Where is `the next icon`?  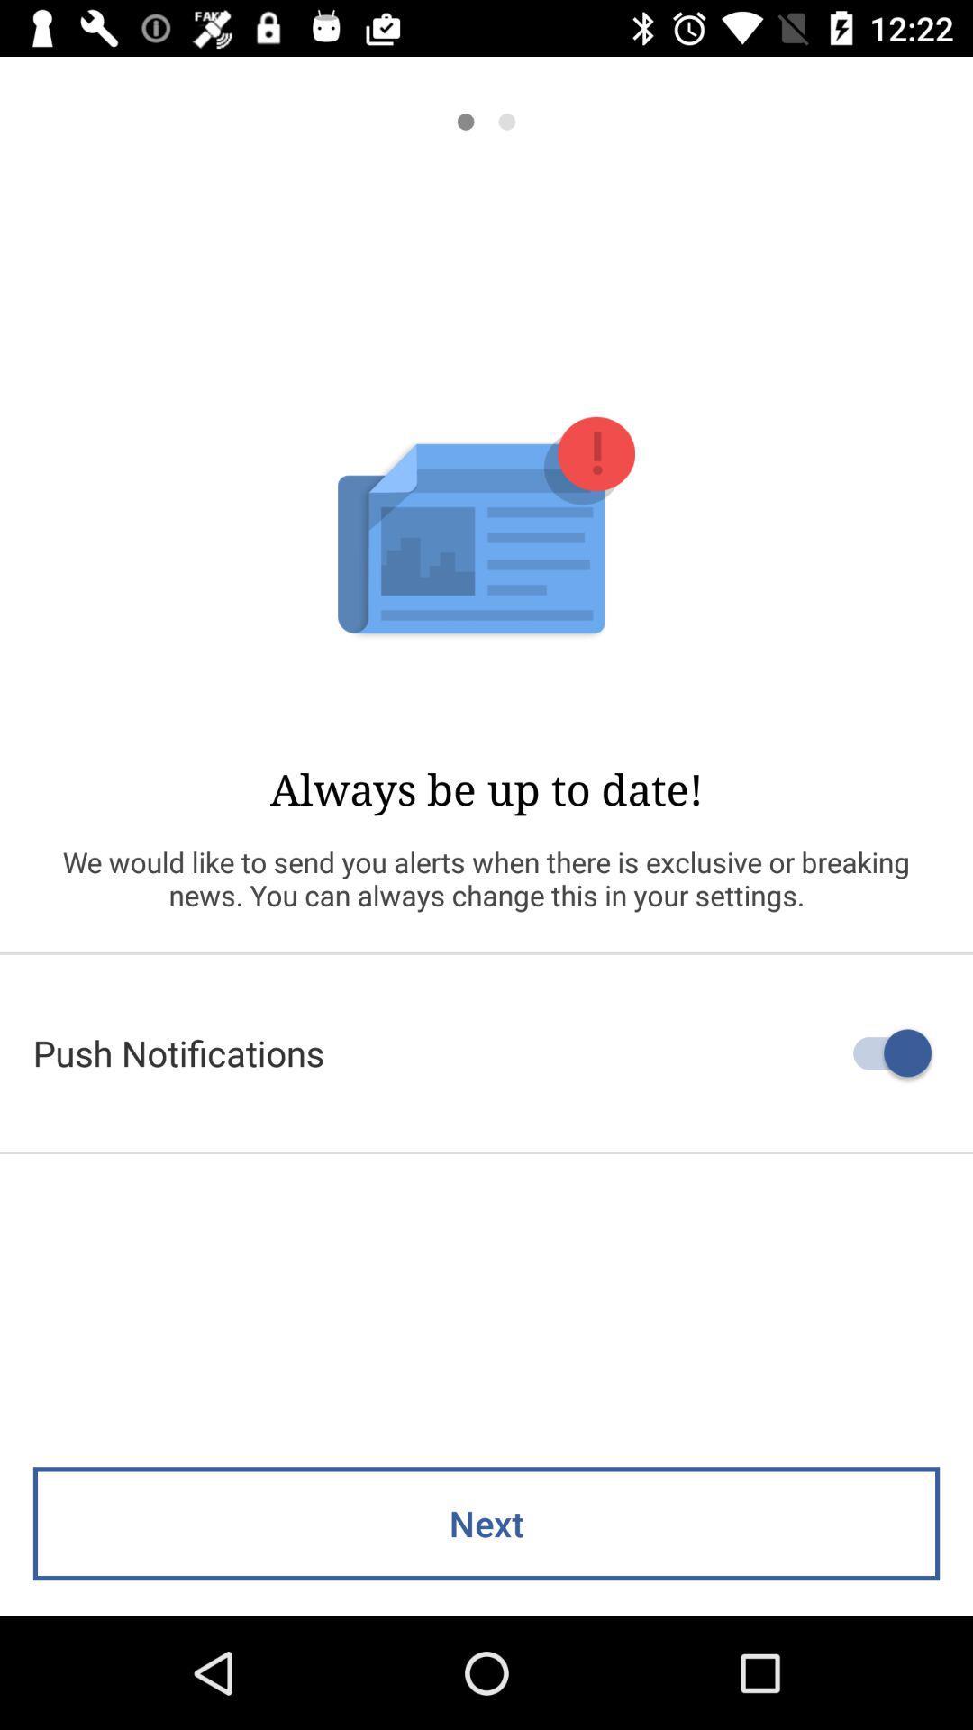 the next icon is located at coordinates (486, 1523).